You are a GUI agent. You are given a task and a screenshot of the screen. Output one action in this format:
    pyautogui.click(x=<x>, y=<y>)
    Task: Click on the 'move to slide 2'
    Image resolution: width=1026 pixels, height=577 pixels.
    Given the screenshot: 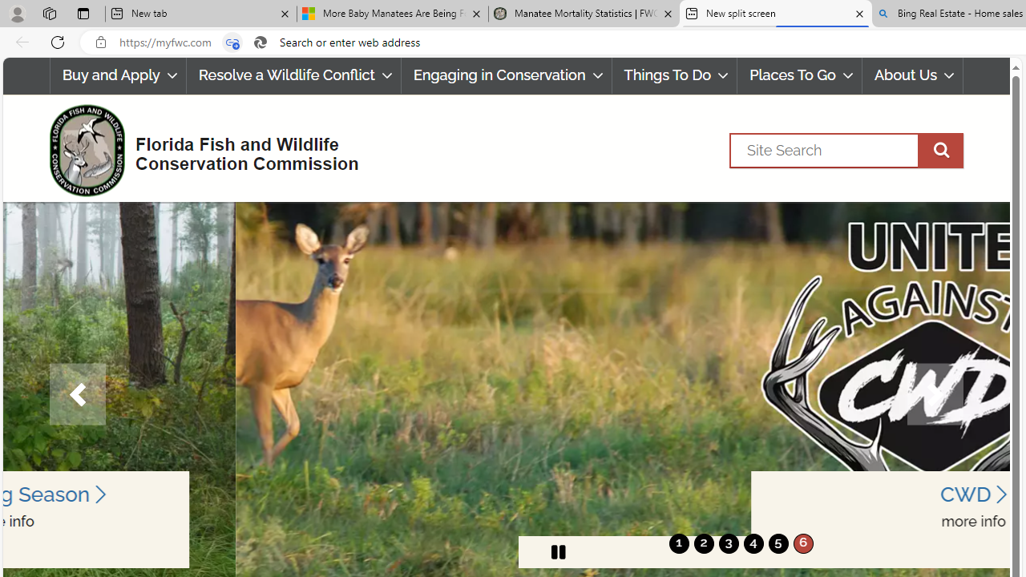 What is the action you would take?
    pyautogui.click(x=704, y=543)
    